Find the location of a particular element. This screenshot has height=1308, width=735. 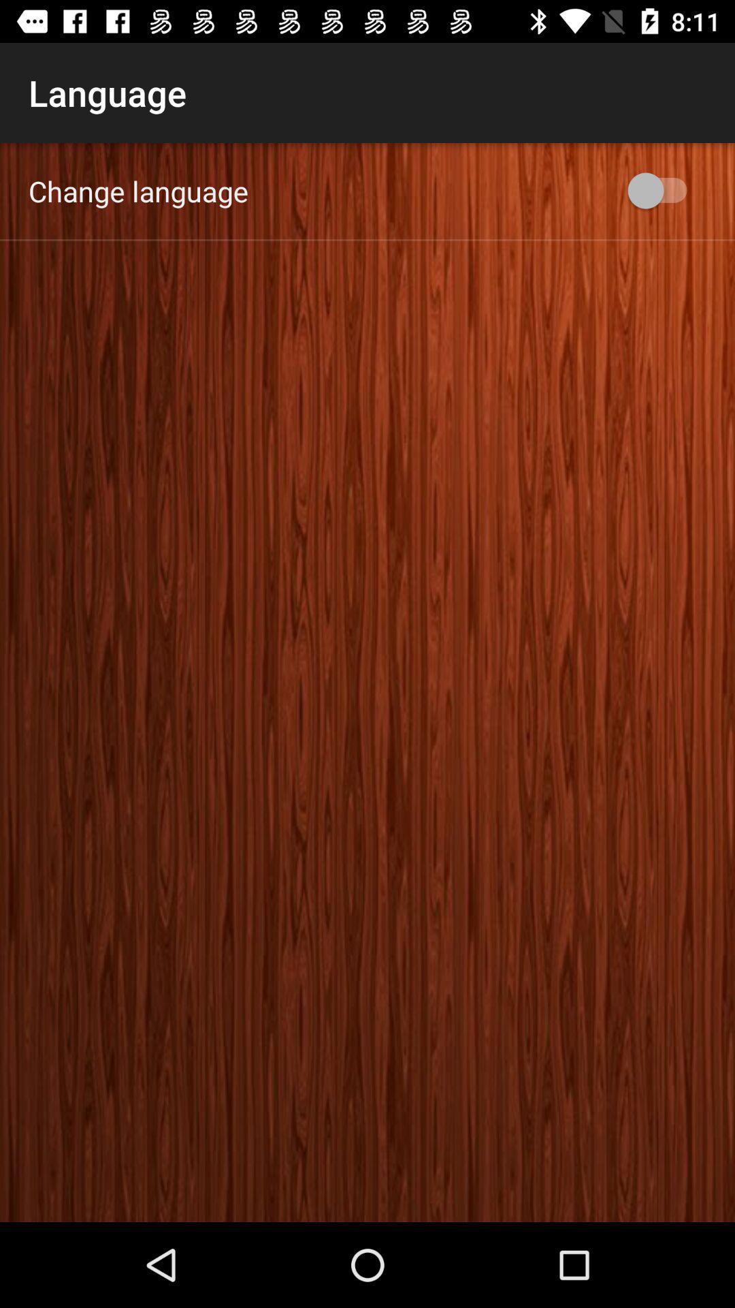

icon to the right of the change language app is located at coordinates (663, 190).